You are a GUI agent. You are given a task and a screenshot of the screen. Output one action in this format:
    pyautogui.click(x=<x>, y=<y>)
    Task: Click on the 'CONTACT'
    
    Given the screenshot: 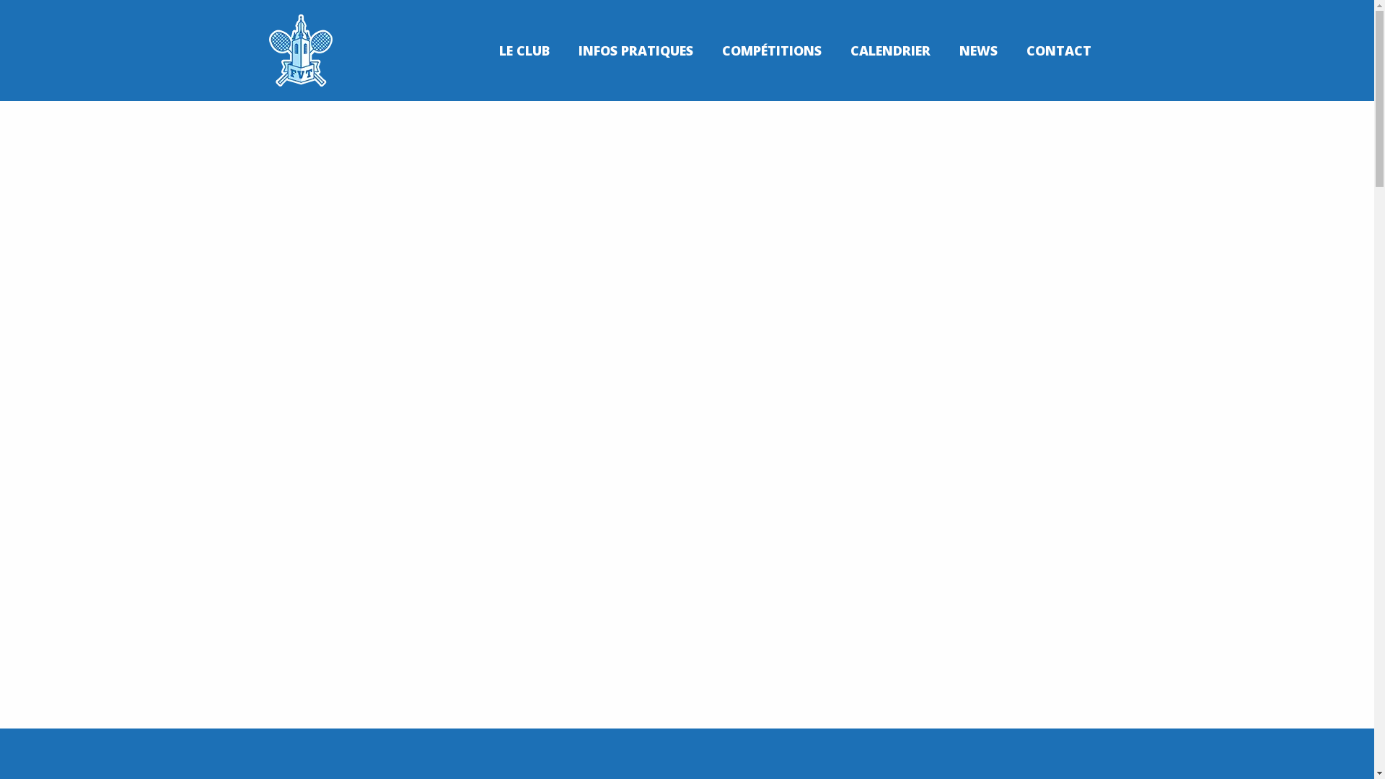 What is the action you would take?
    pyautogui.click(x=1058, y=49)
    